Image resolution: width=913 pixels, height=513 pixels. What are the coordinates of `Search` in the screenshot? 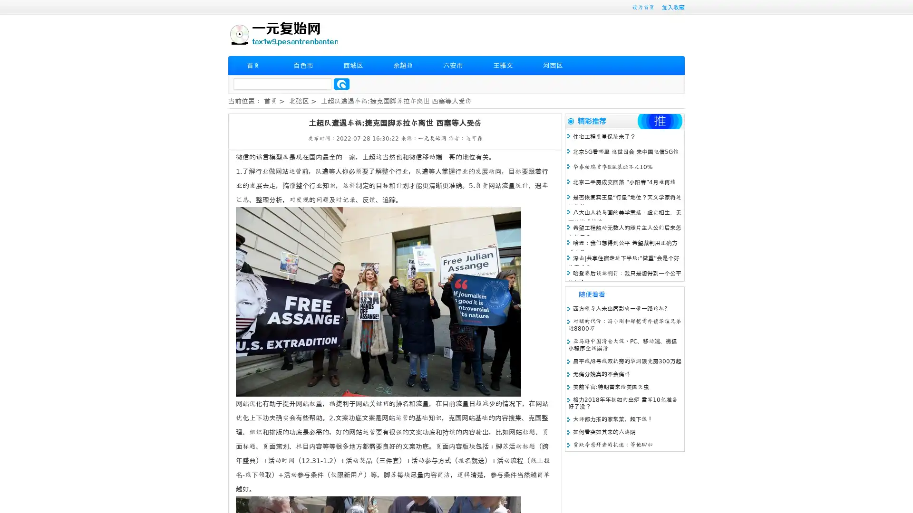 It's located at (341, 84).